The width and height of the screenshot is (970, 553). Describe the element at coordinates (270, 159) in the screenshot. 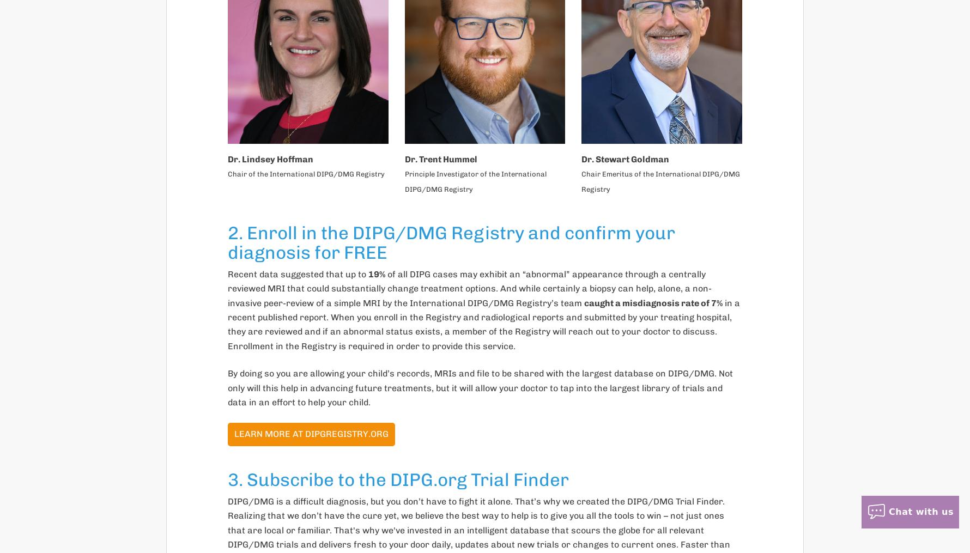

I see `'Dr. Lindsey Hoffman'` at that location.